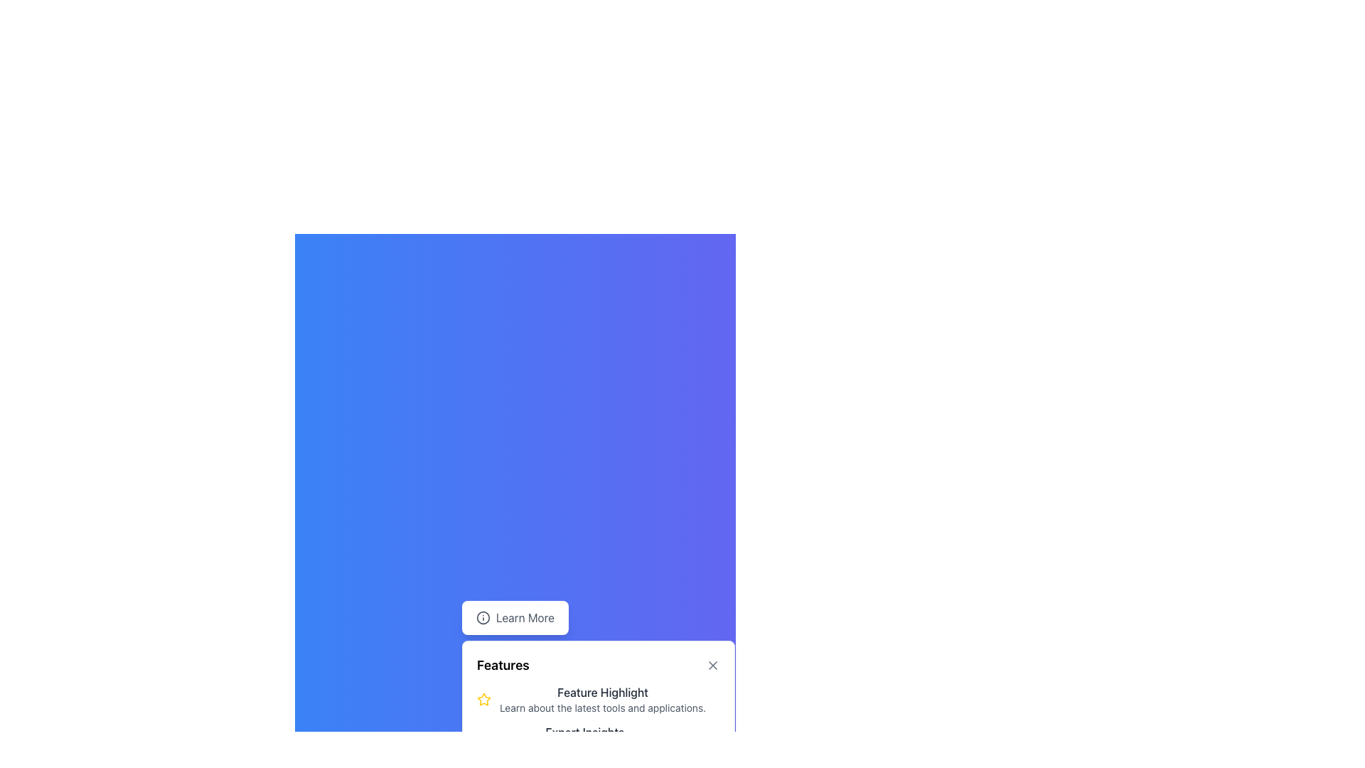  Describe the element at coordinates (603, 708) in the screenshot. I see `the Text Label located below the 'Feature Highlight' title, which serves to attract user attention` at that location.